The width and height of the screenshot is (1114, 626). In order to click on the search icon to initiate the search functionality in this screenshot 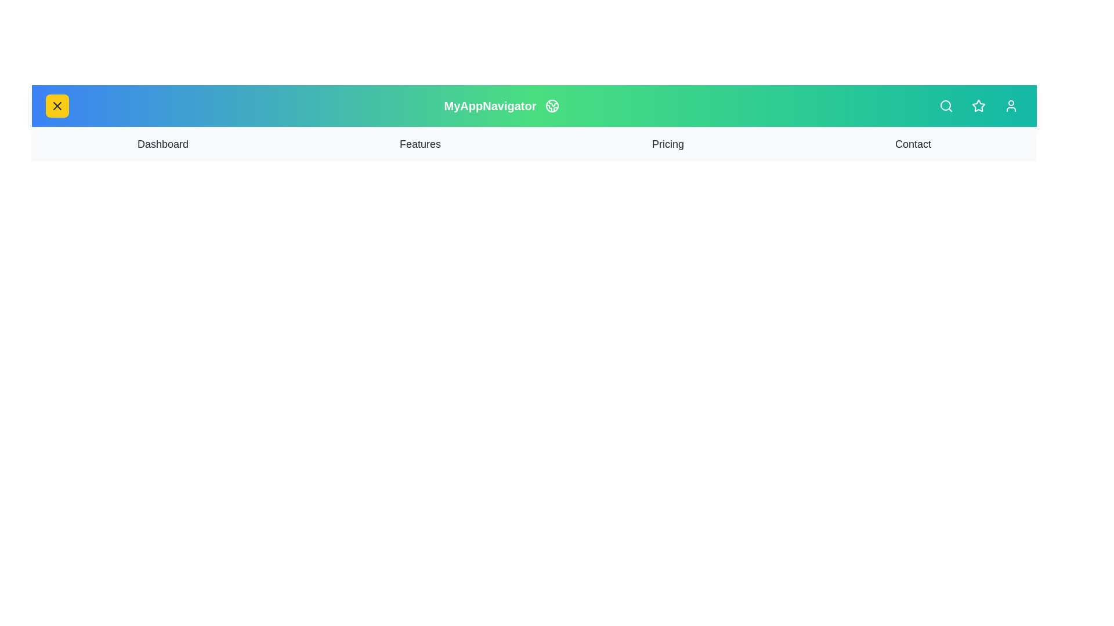, I will do `click(946, 105)`.